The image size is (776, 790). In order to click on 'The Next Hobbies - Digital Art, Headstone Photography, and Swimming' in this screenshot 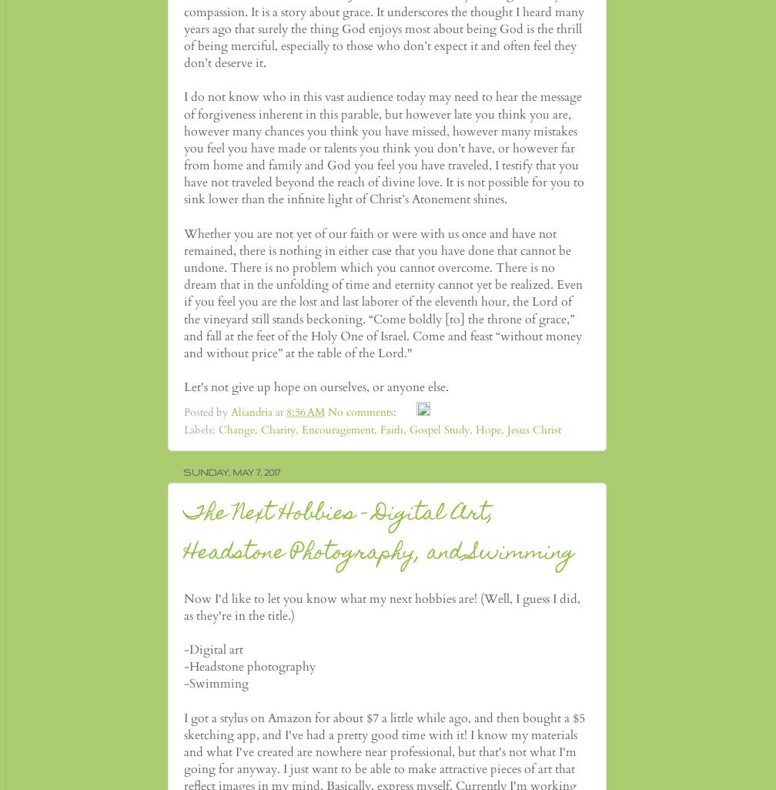, I will do `click(380, 532)`.